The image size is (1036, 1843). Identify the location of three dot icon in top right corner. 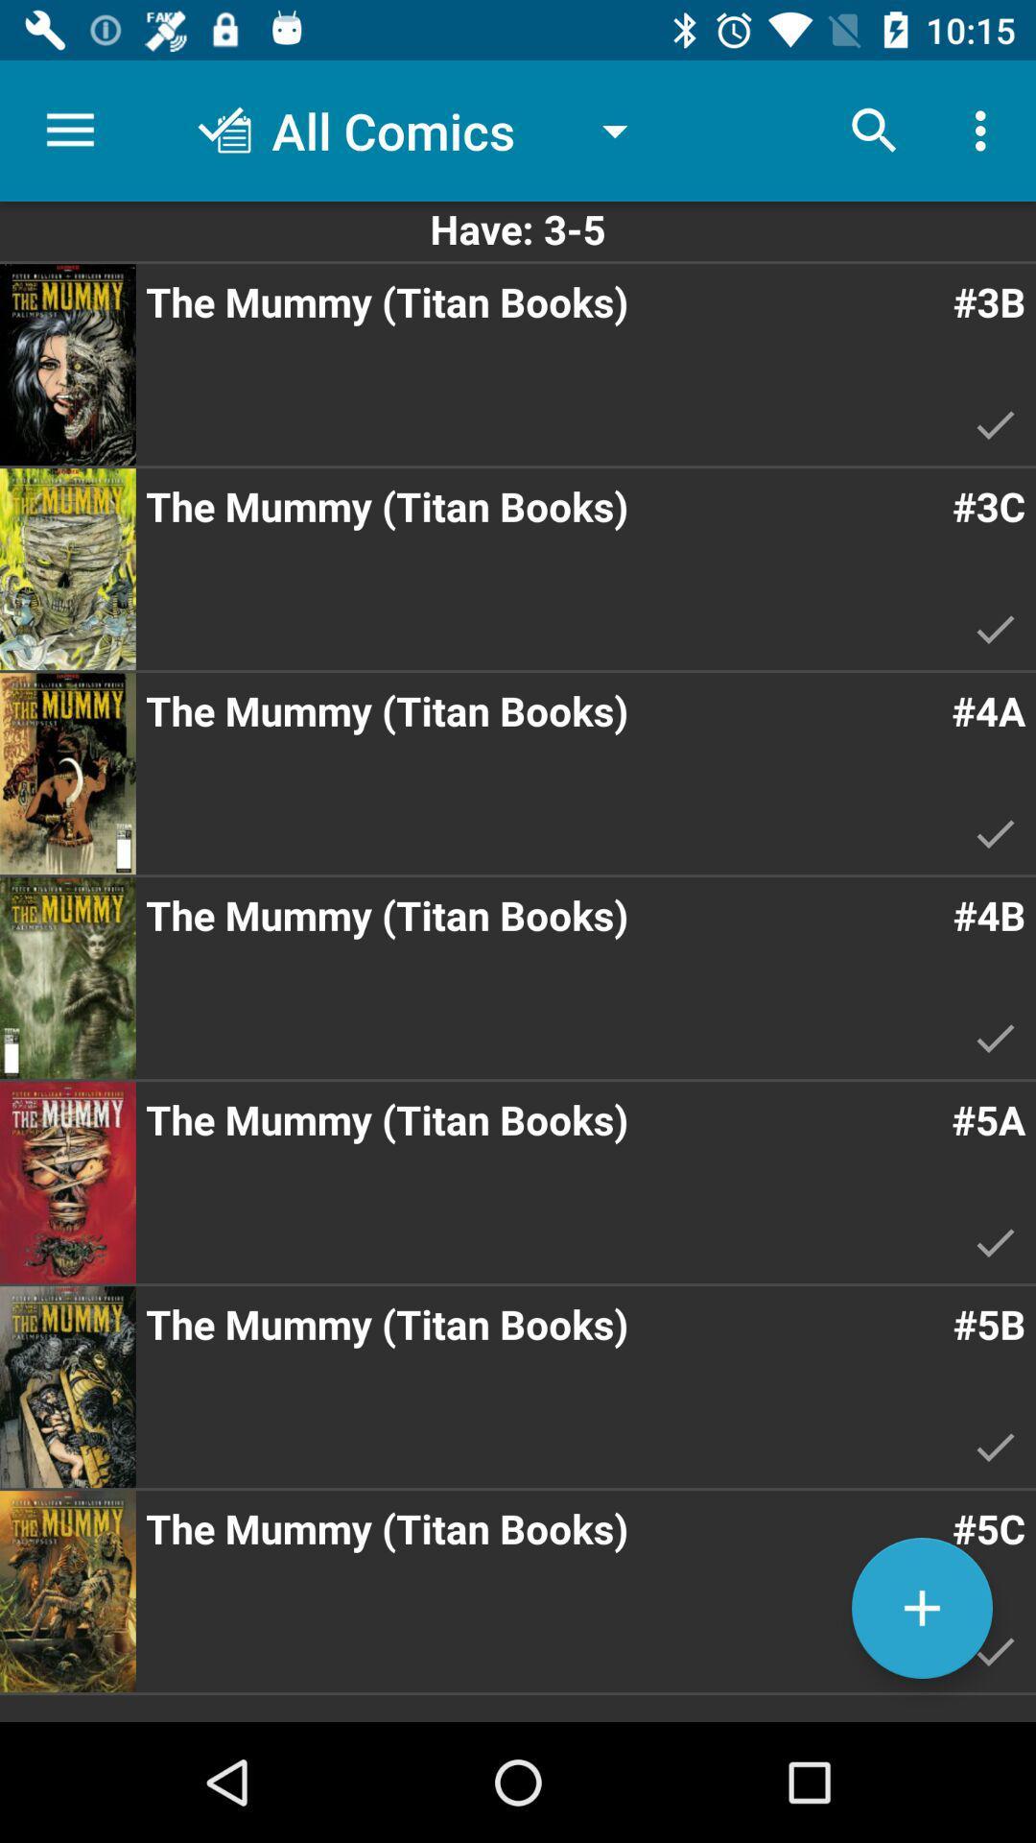
(985, 131).